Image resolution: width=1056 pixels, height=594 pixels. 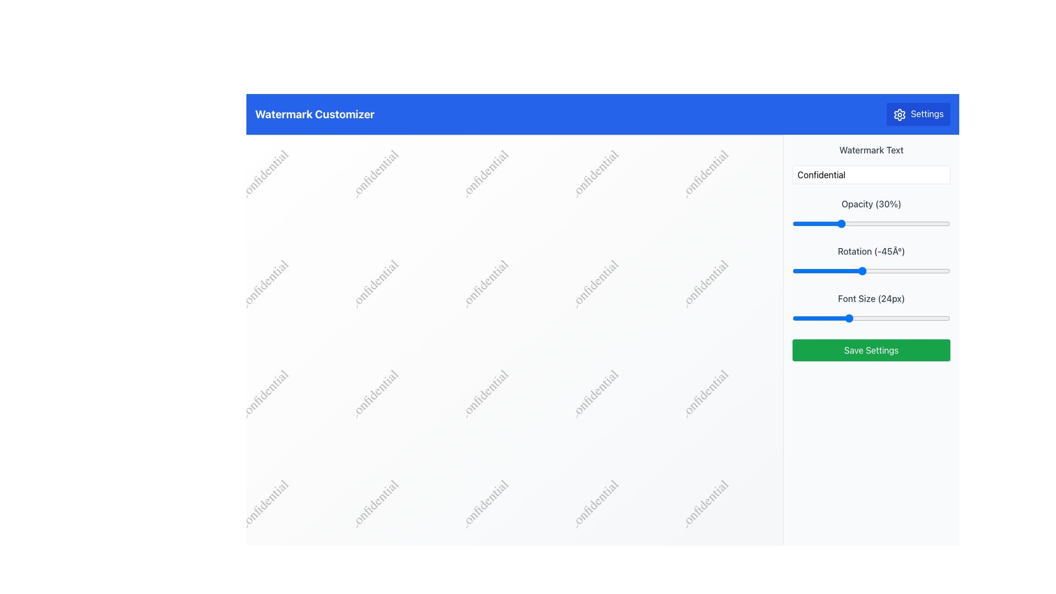 I want to click on the Static text label displaying 'Rotation (-45°)' which is positioned above the slider component in the right section of the user interface, so click(x=871, y=251).